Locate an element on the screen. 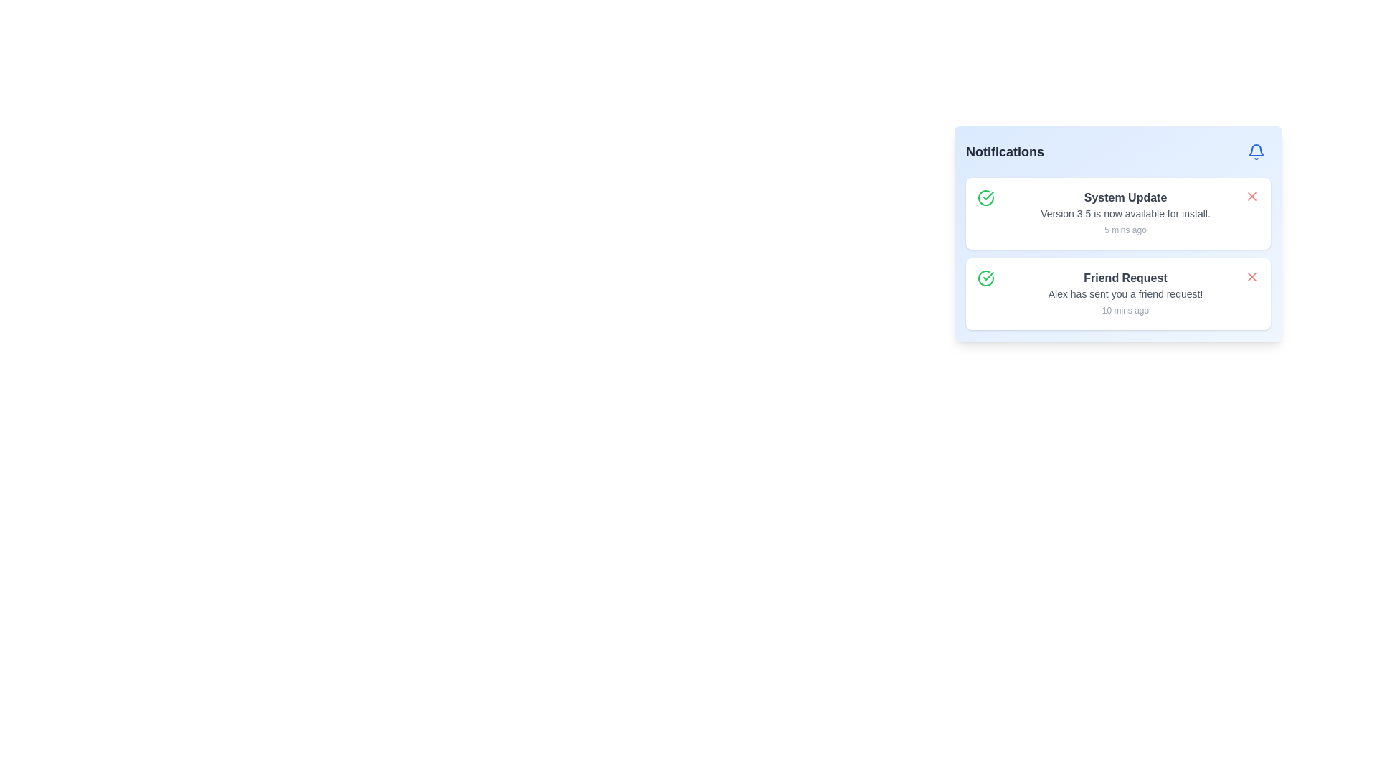  the static text view displaying the notification titled 'Friend Request' that includes the message 'Alex has sent you a friend request!' and the timestamp '10 mins ago' is located at coordinates (1125, 293).